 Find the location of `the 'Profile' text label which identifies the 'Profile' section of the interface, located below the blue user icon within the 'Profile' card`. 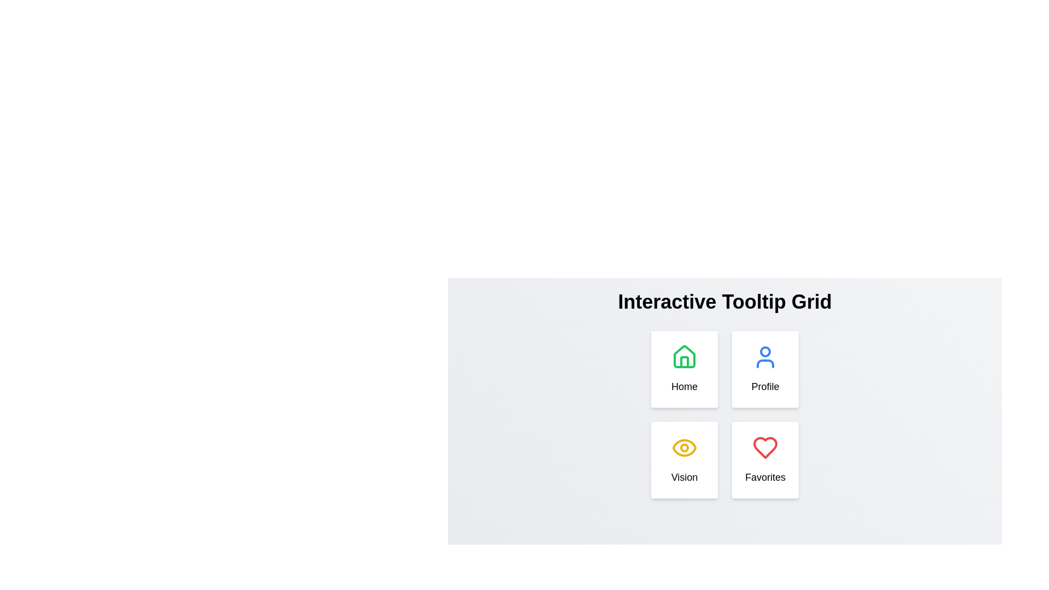

the 'Profile' text label which identifies the 'Profile' section of the interface, located below the blue user icon within the 'Profile' card is located at coordinates (765, 386).